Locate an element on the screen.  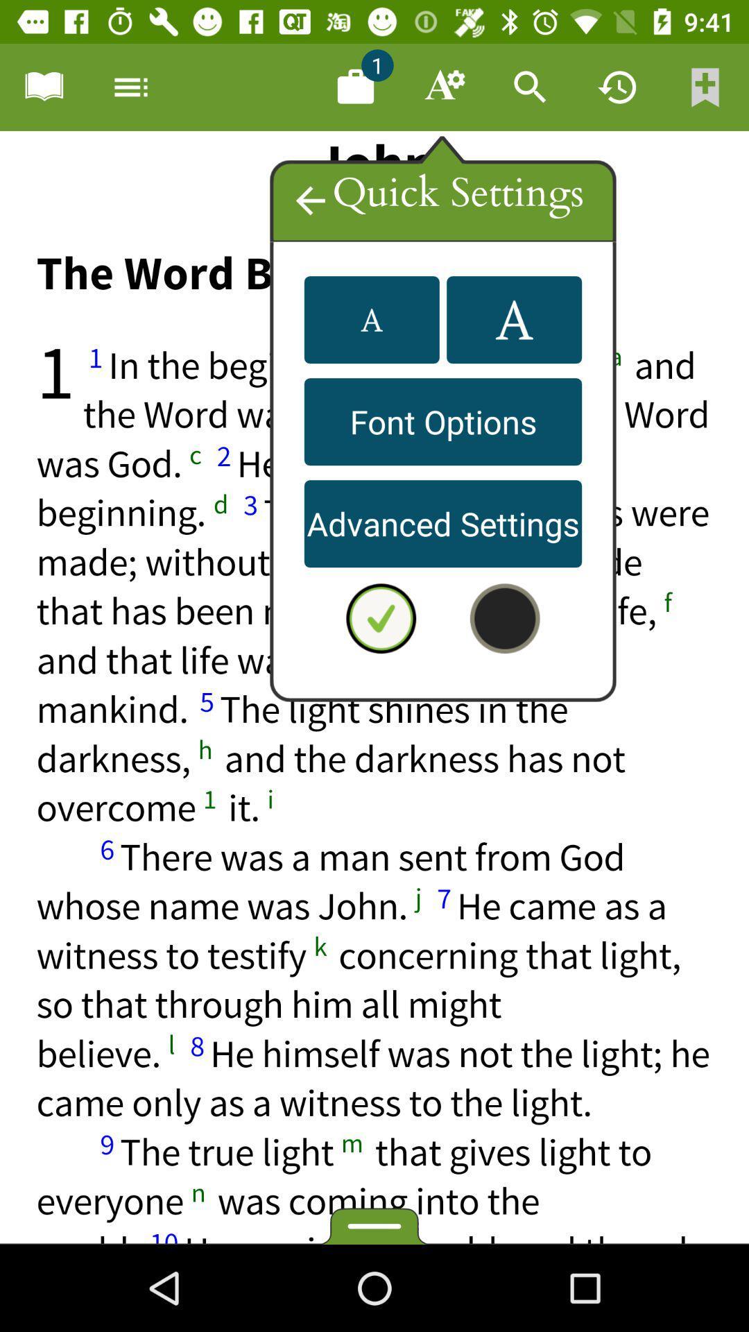
bookmark the current page is located at coordinates (705, 86).